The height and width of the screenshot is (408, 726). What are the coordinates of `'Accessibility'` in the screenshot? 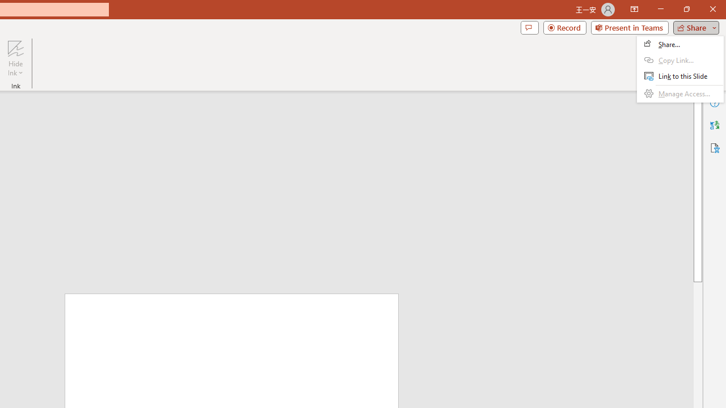 It's located at (714, 147).